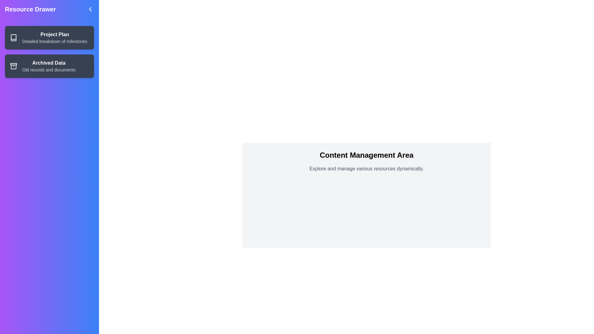  Describe the element at coordinates (49, 38) in the screenshot. I see `the resource with the title Project Plan` at that location.